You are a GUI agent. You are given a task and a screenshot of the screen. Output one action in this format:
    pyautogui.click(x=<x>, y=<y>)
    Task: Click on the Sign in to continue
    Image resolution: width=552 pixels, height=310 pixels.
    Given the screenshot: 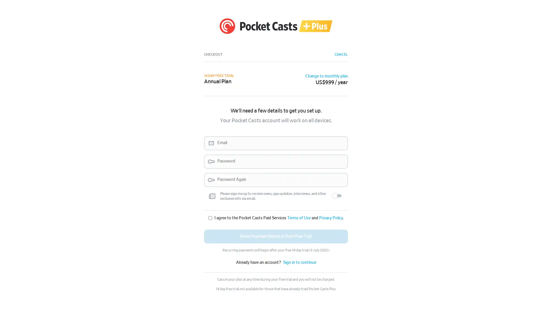 What is the action you would take?
    pyautogui.click(x=299, y=262)
    